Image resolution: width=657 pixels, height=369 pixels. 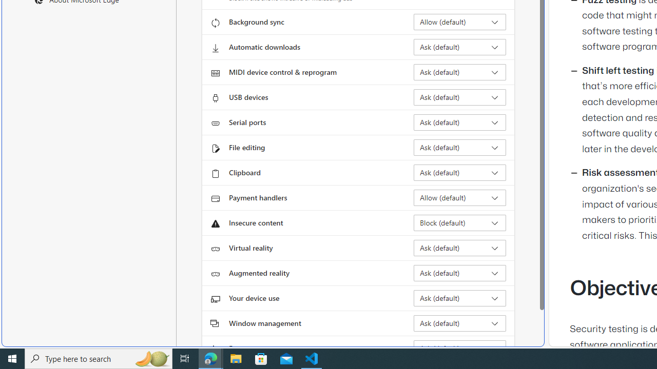 What do you see at coordinates (459, 172) in the screenshot?
I see `'Clipboard Ask (default)'` at bounding box center [459, 172].